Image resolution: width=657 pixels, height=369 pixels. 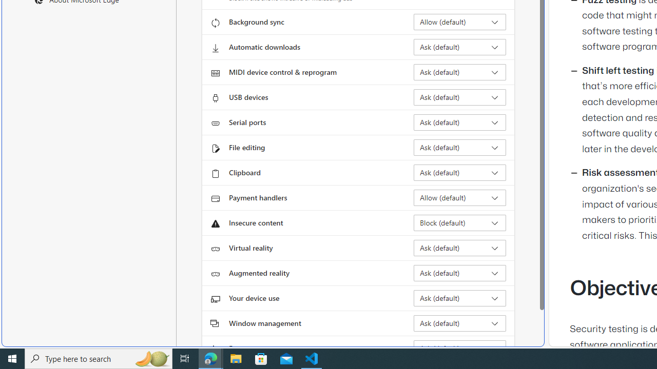 What do you see at coordinates (459, 172) in the screenshot?
I see `'Clipboard Ask (default)'` at bounding box center [459, 172].